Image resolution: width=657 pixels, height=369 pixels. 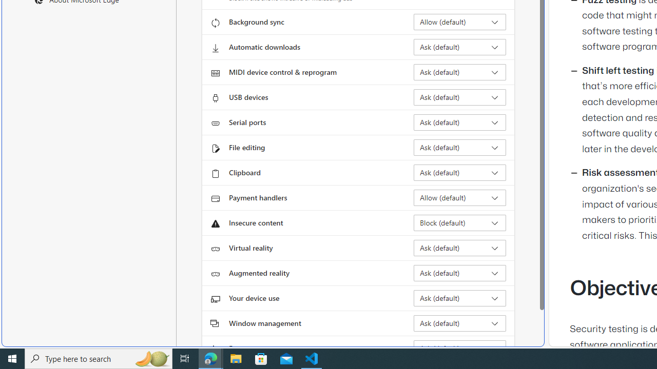 What do you see at coordinates (459, 172) in the screenshot?
I see `'Clipboard Ask (default)'` at bounding box center [459, 172].